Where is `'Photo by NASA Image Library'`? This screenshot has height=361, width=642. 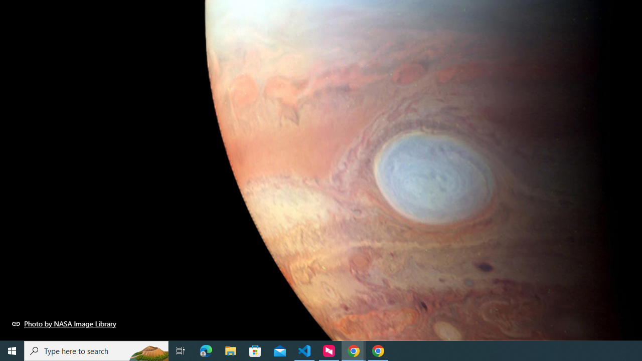 'Photo by NASA Image Library' is located at coordinates (64, 323).